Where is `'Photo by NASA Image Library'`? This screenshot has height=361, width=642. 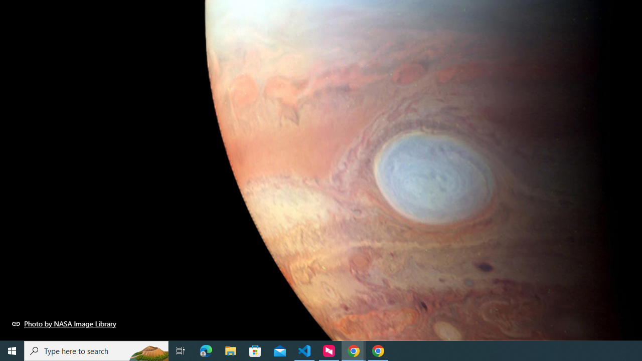 'Photo by NASA Image Library' is located at coordinates (64, 323).